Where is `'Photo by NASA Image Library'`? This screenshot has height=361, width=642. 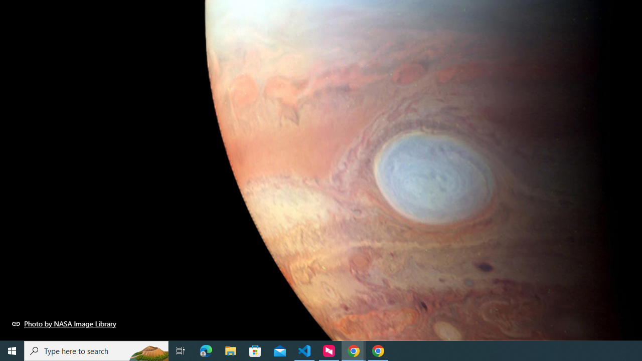 'Photo by NASA Image Library' is located at coordinates (64, 323).